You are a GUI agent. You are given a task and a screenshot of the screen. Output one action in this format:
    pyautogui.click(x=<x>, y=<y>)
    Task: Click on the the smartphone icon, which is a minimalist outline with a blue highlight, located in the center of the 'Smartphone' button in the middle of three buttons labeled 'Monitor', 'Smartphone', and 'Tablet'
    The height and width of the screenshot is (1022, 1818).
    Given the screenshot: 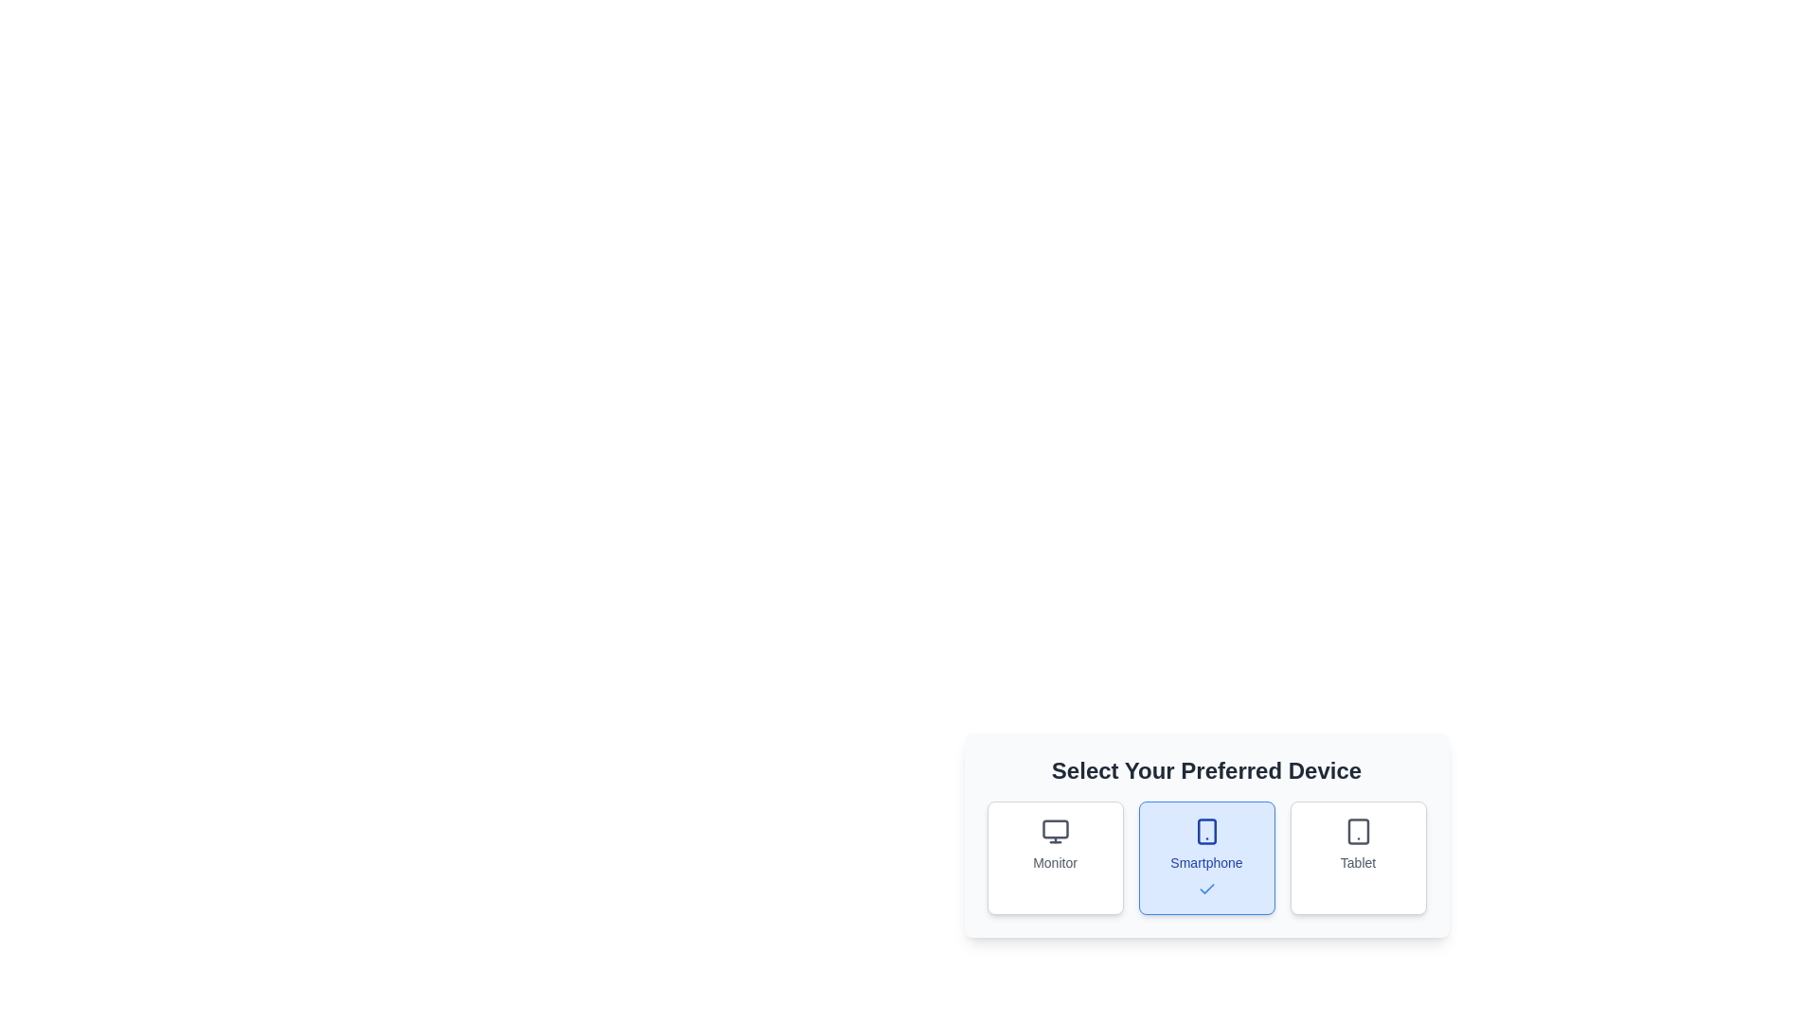 What is the action you would take?
    pyautogui.click(x=1205, y=831)
    